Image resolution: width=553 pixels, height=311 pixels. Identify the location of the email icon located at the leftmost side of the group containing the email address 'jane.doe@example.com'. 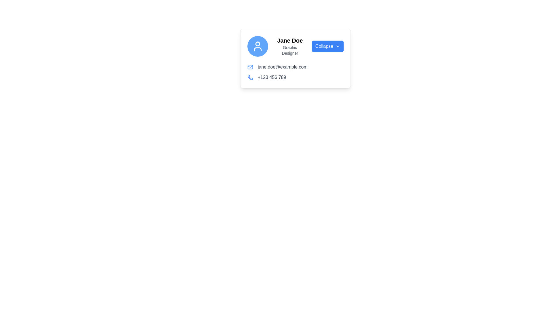
(250, 67).